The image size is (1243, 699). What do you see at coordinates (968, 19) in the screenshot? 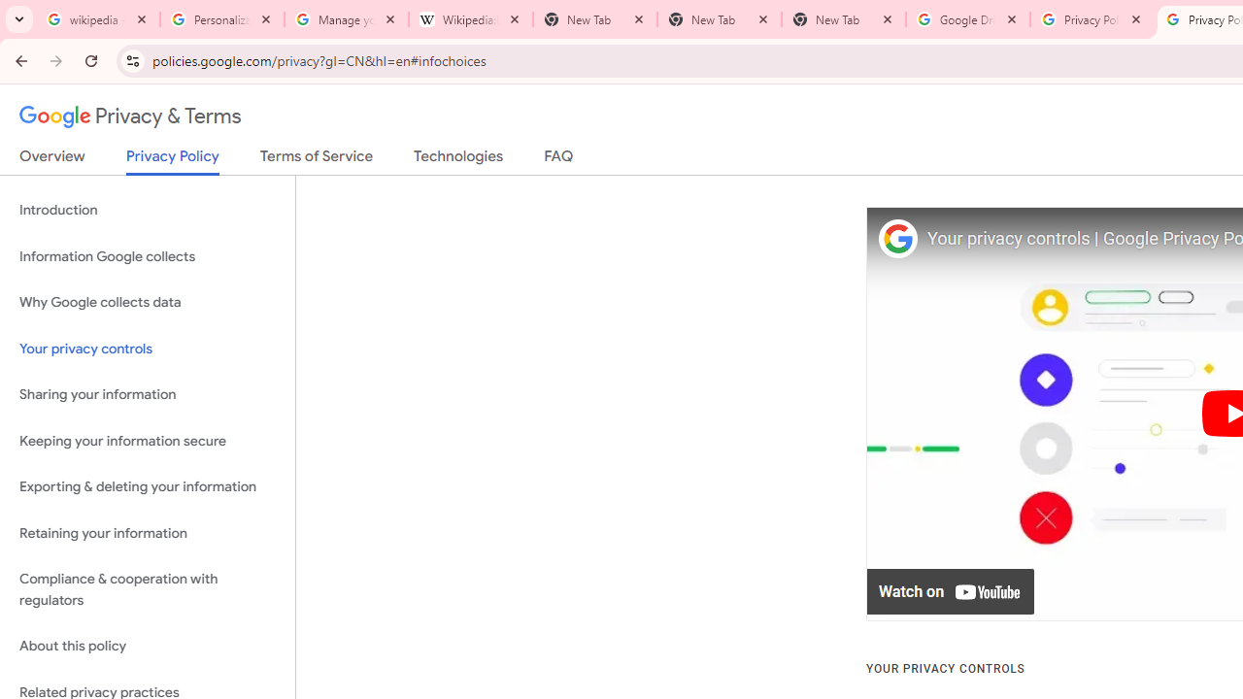
I see `'Google Drive: Sign-in'` at bounding box center [968, 19].